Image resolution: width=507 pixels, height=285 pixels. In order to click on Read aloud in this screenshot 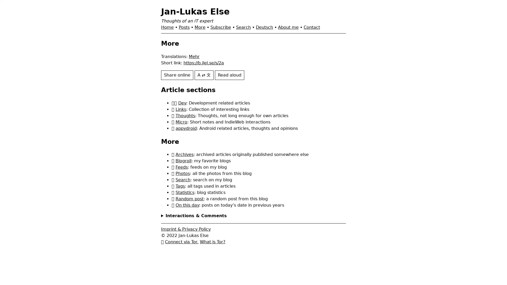, I will do `click(229, 75)`.